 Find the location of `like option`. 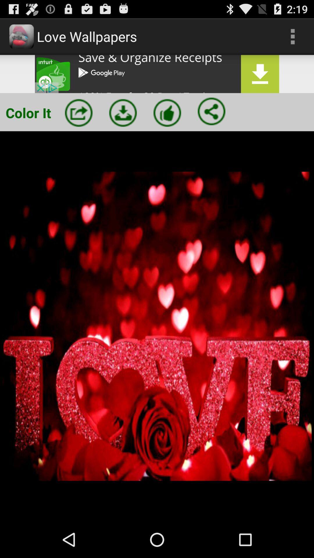

like option is located at coordinates (167, 113).